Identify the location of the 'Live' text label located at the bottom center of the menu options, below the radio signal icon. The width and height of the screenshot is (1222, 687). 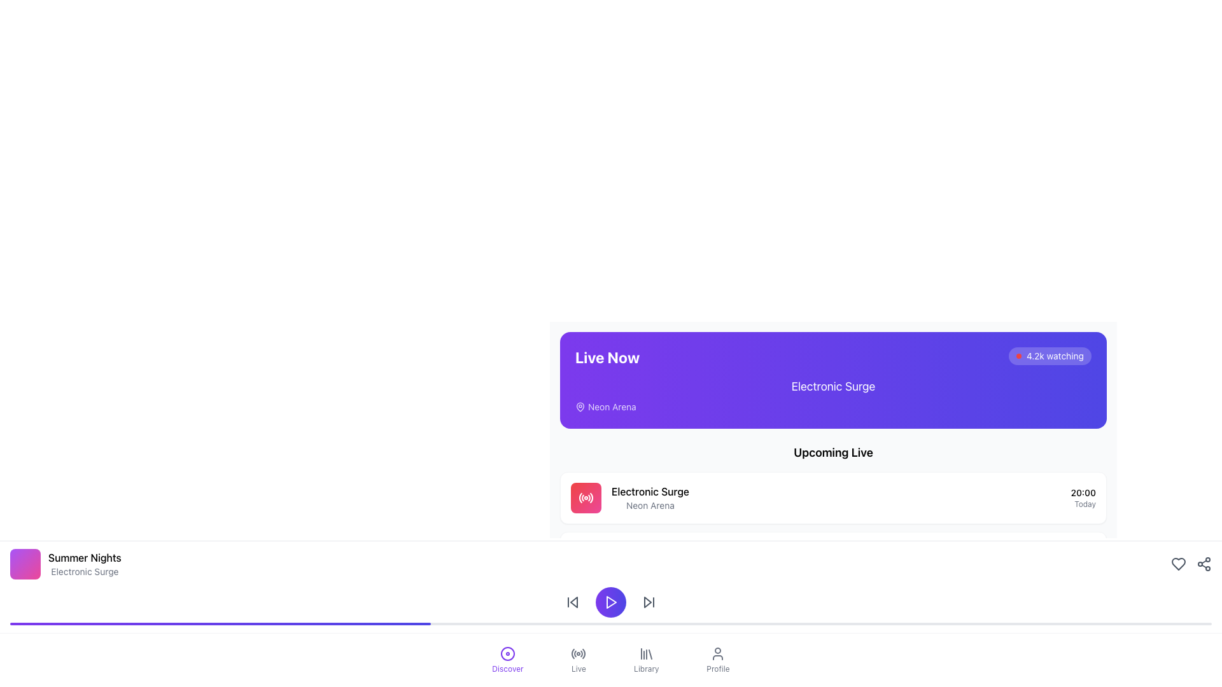
(578, 669).